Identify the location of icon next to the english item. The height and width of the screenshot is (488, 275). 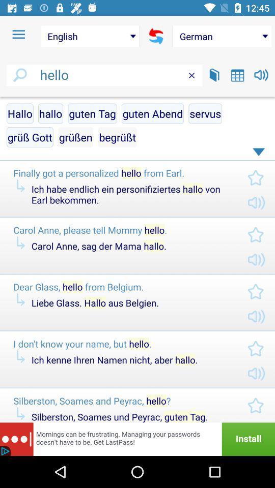
(18, 35).